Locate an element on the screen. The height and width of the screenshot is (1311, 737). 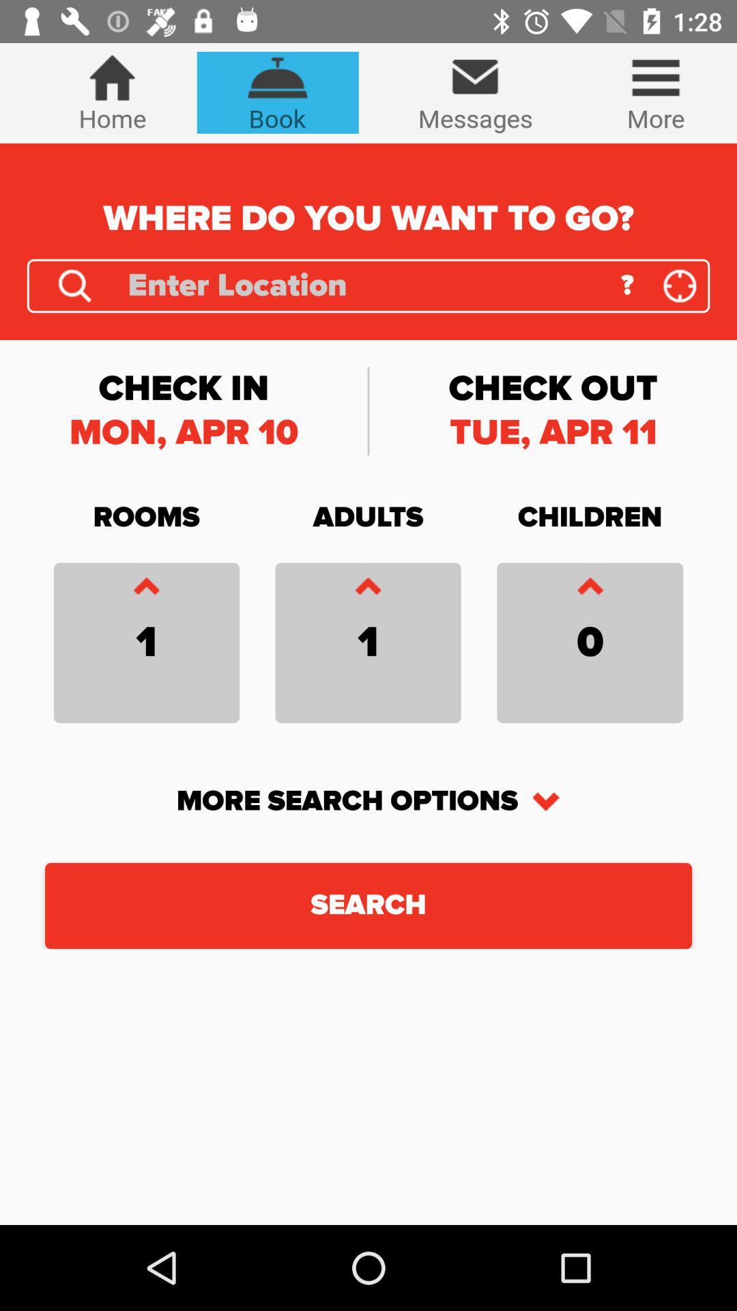
?  icon is located at coordinates (627, 285).